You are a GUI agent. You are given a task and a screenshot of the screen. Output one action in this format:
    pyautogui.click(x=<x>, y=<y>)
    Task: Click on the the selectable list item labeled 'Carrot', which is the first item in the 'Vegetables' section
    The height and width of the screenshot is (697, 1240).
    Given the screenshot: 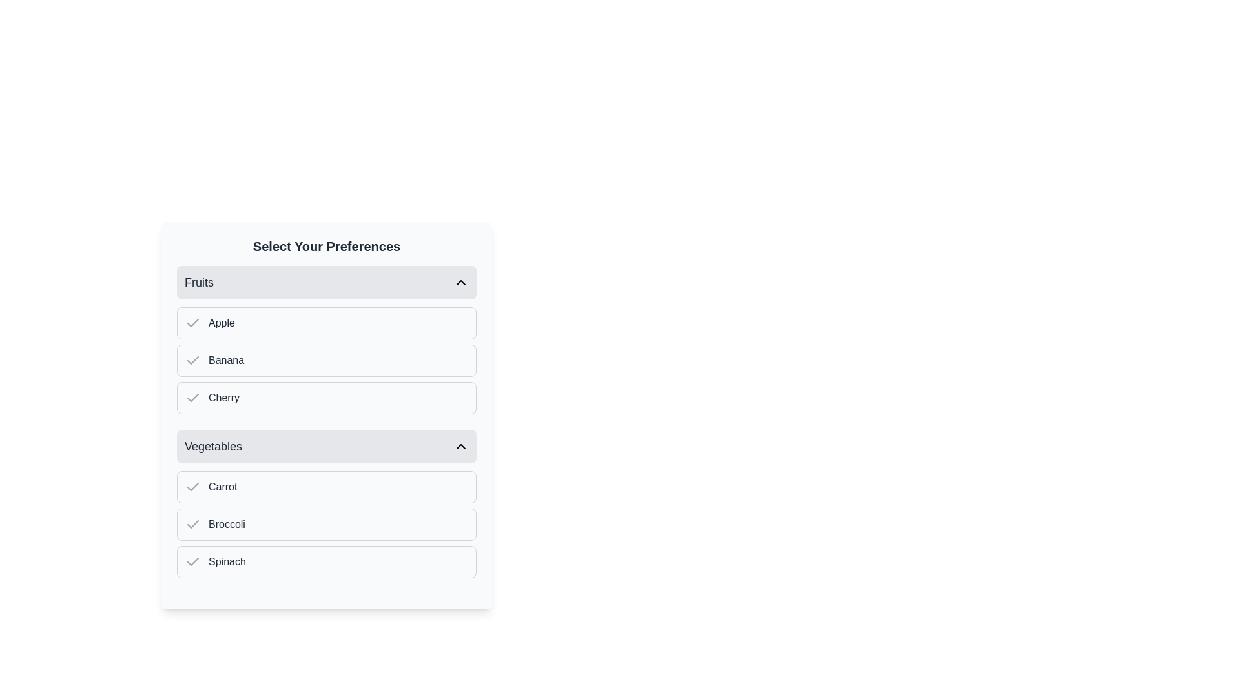 What is the action you would take?
    pyautogui.click(x=326, y=487)
    